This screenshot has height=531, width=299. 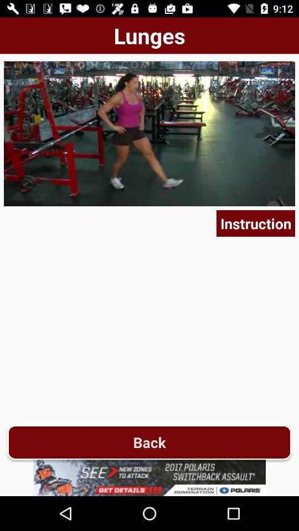 What do you see at coordinates (149, 477) in the screenshot?
I see `open advertisement` at bounding box center [149, 477].